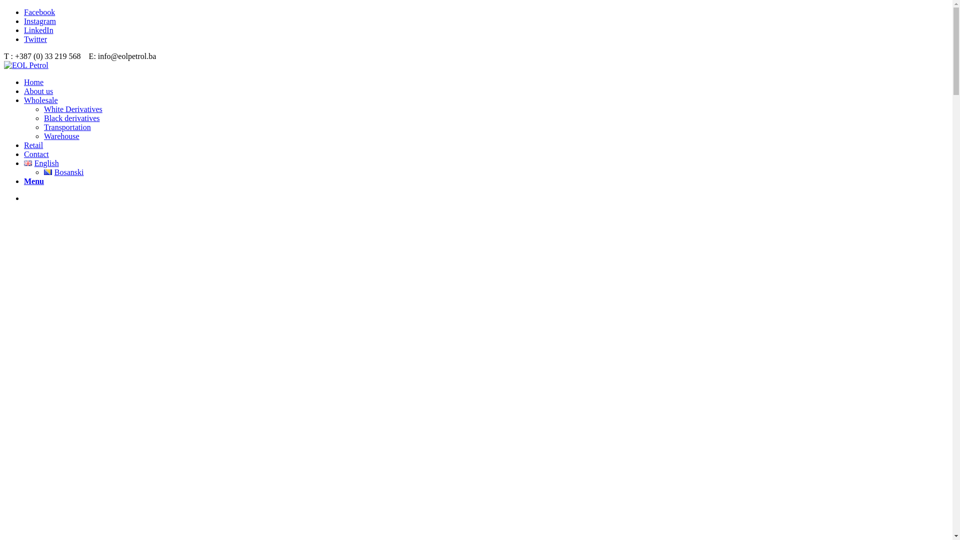 The height and width of the screenshot is (540, 960). I want to click on 'Bosanski', so click(63, 171).